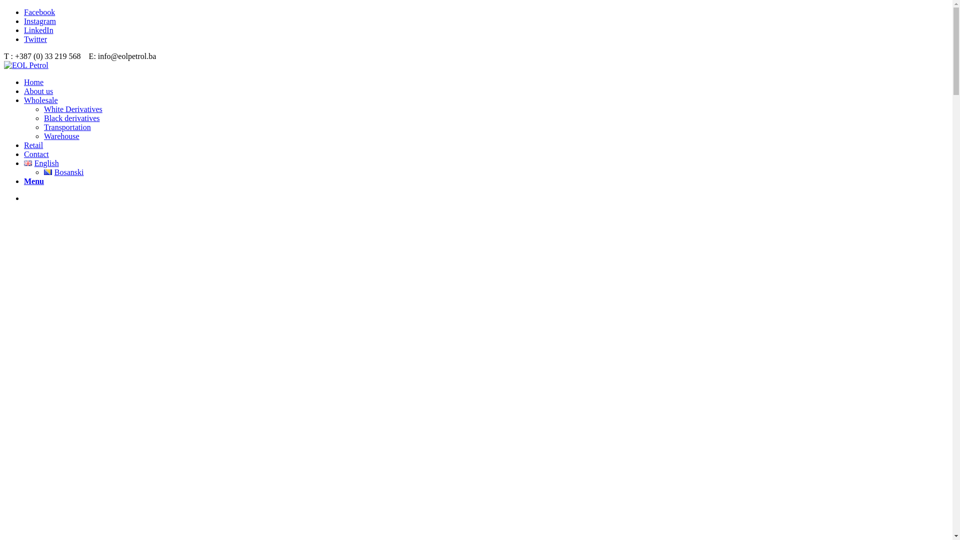 The height and width of the screenshot is (540, 960). I want to click on 'Bosanski', so click(63, 171).